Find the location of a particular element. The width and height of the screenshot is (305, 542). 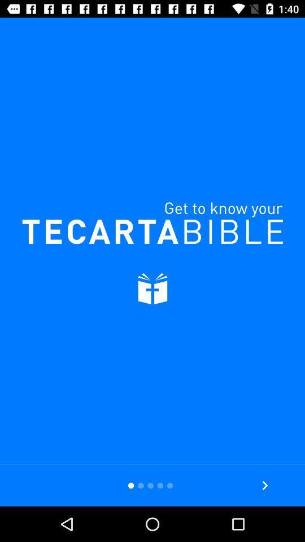

the icon at the bottom right corner is located at coordinates (265, 485).